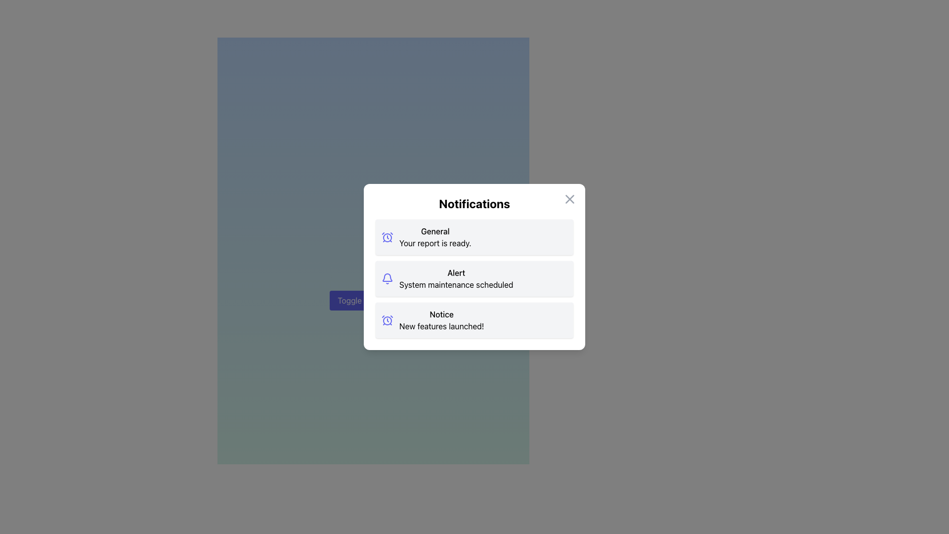 The height and width of the screenshot is (534, 949). I want to click on the close button located in the top-right corner of the notification modal, so click(569, 199).